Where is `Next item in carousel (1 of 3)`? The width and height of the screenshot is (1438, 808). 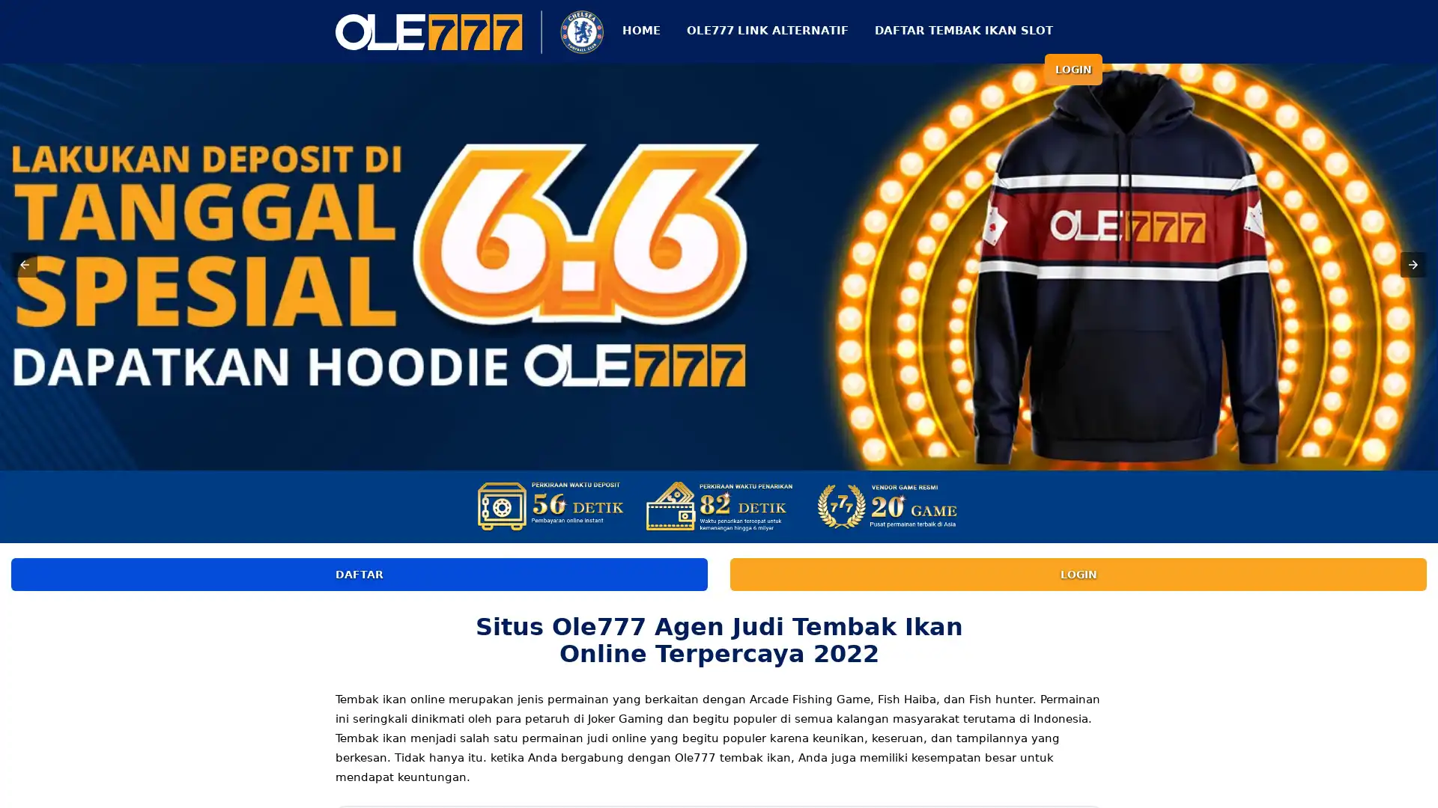 Next item in carousel (1 of 3) is located at coordinates (1412, 264).